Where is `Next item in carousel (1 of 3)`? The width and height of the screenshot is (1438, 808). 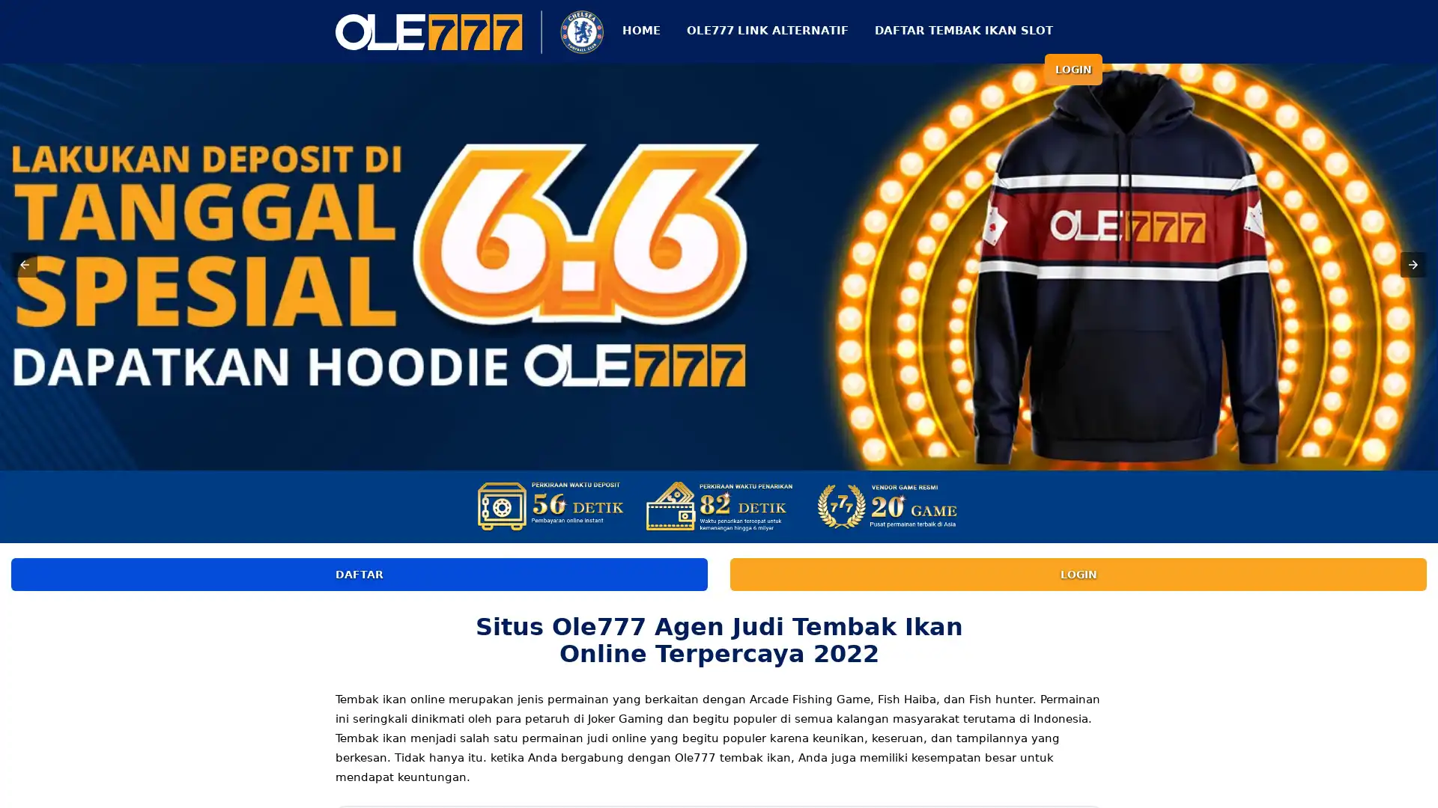 Next item in carousel (1 of 3) is located at coordinates (1412, 264).